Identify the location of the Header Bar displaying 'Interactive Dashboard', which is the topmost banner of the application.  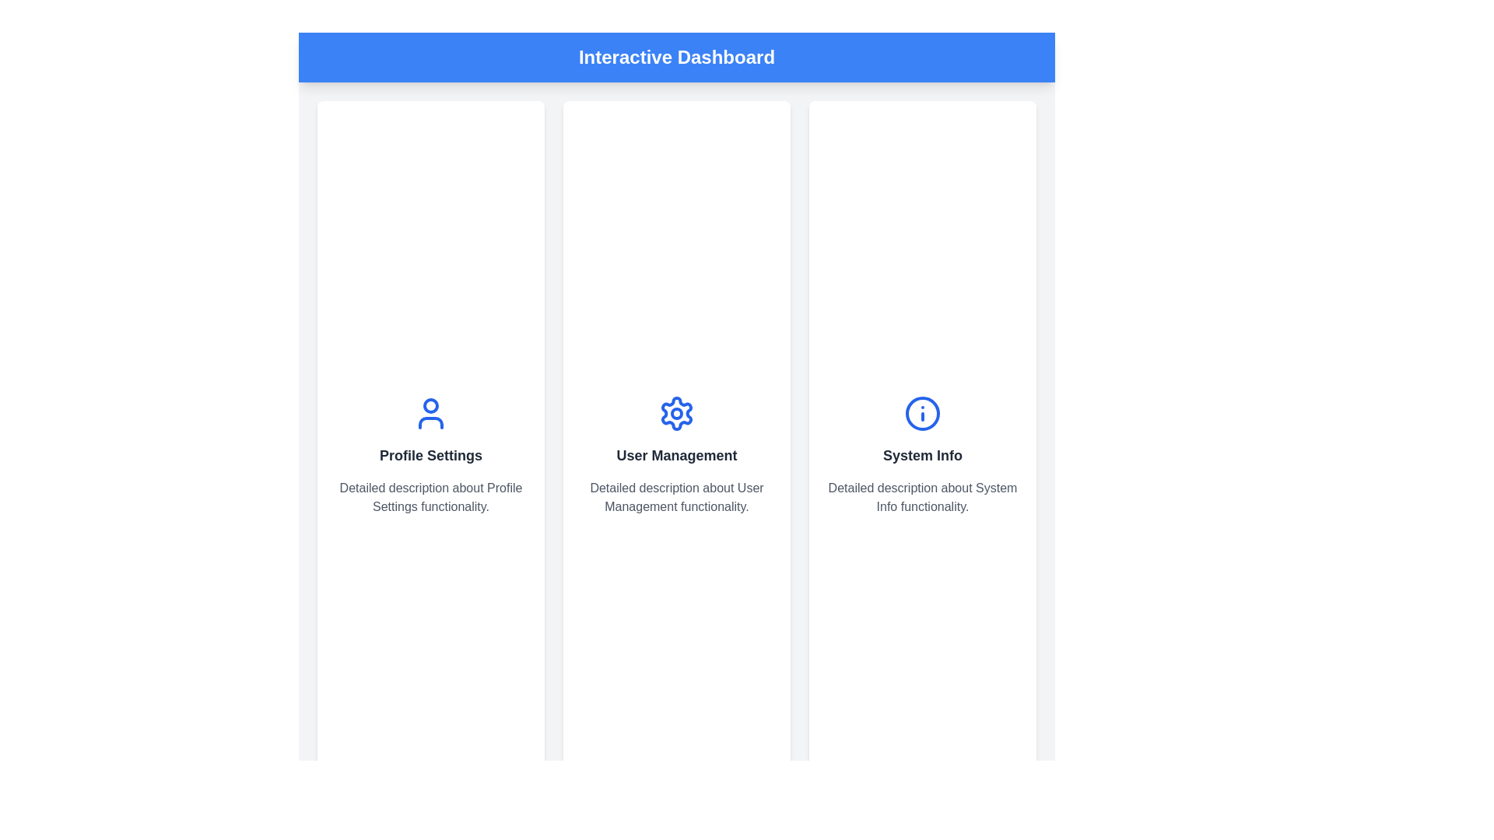
(676, 56).